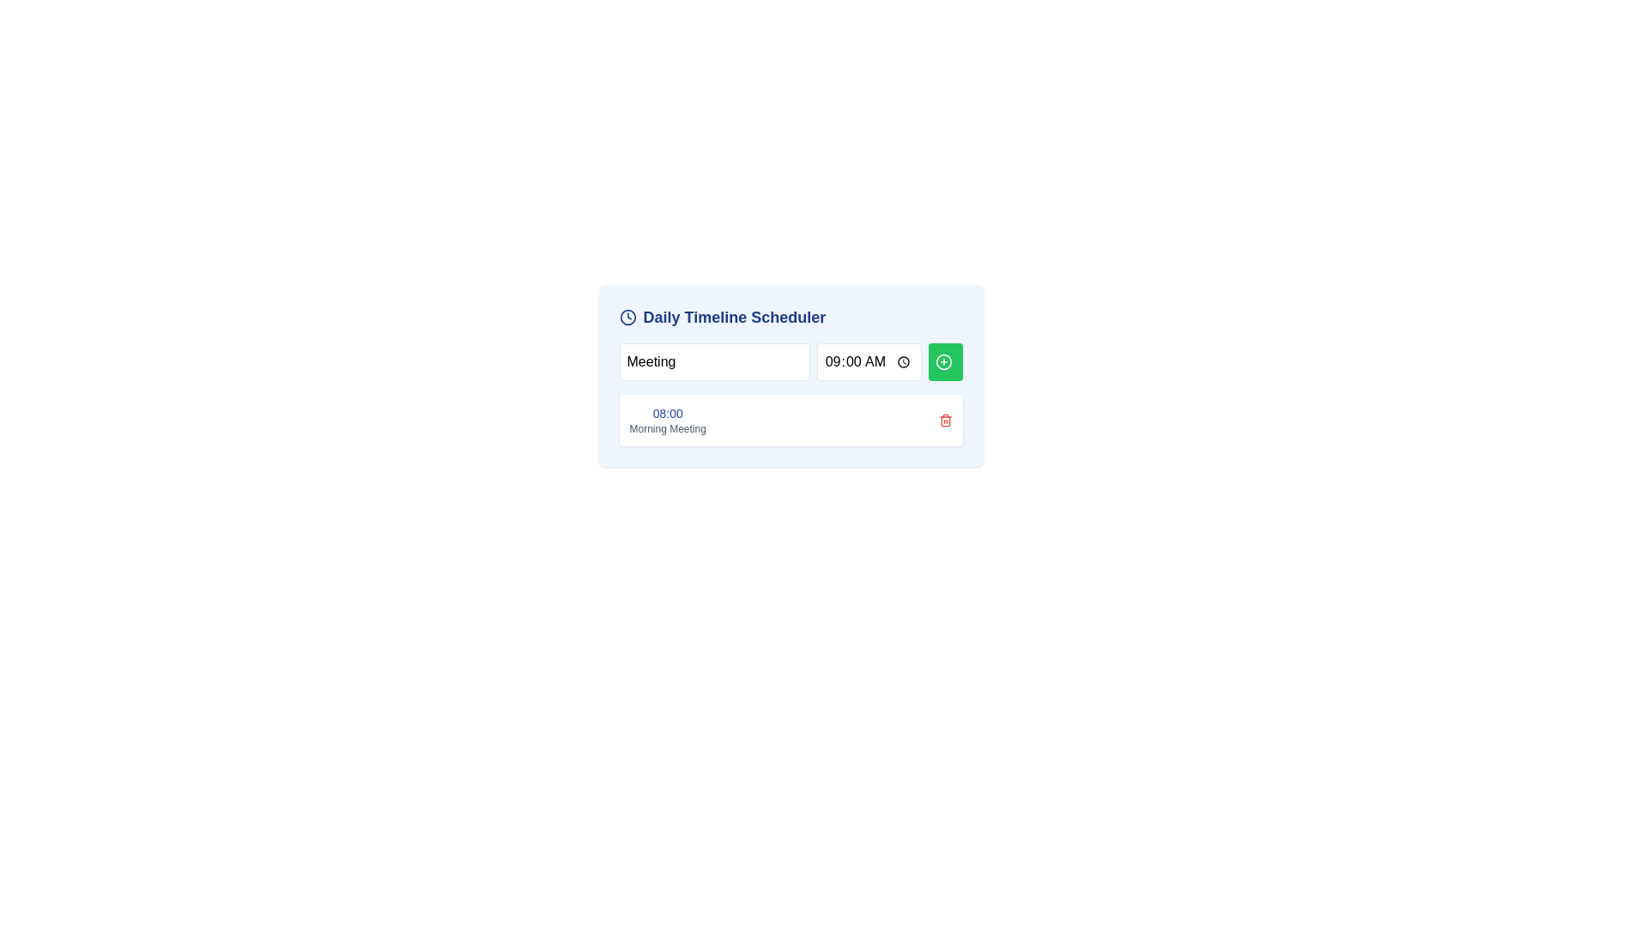 Image resolution: width=1648 pixels, height=927 pixels. I want to click on the delete button located at the right side of the meeting entry for 'Morning Meeting' scheduled at '08:00', so click(944, 420).